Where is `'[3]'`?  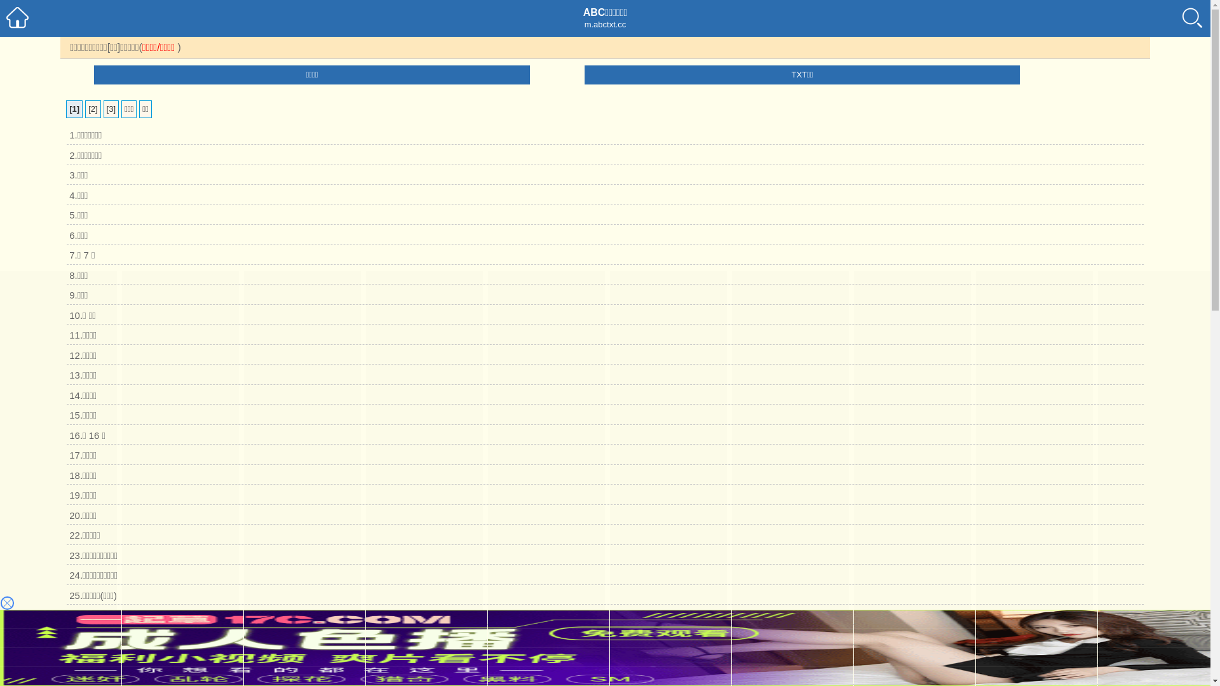
'[3]' is located at coordinates (111, 109).